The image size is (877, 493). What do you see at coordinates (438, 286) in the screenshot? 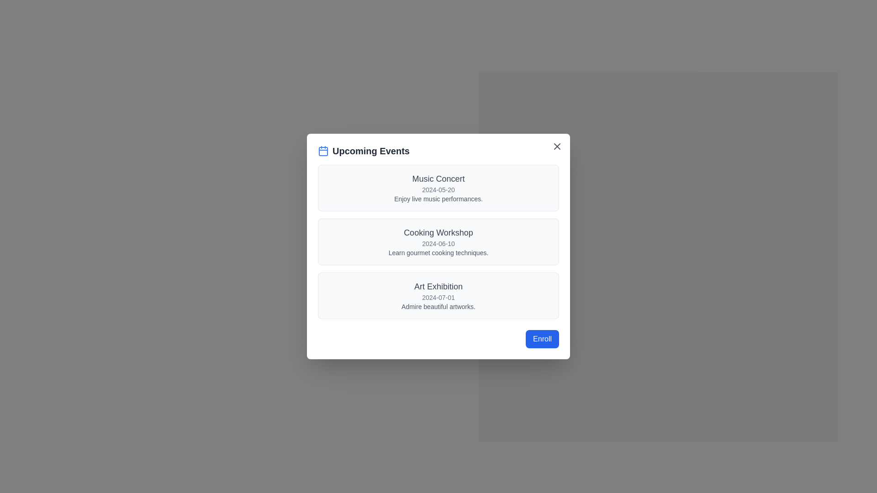
I see `the static text label that reads 'Art Exhibition', which is presented in a medium-size, bold font, dark gray color, and is centrally aligned within the highlighted card of the third event in the 'Upcoming Events' dialog box` at bounding box center [438, 286].